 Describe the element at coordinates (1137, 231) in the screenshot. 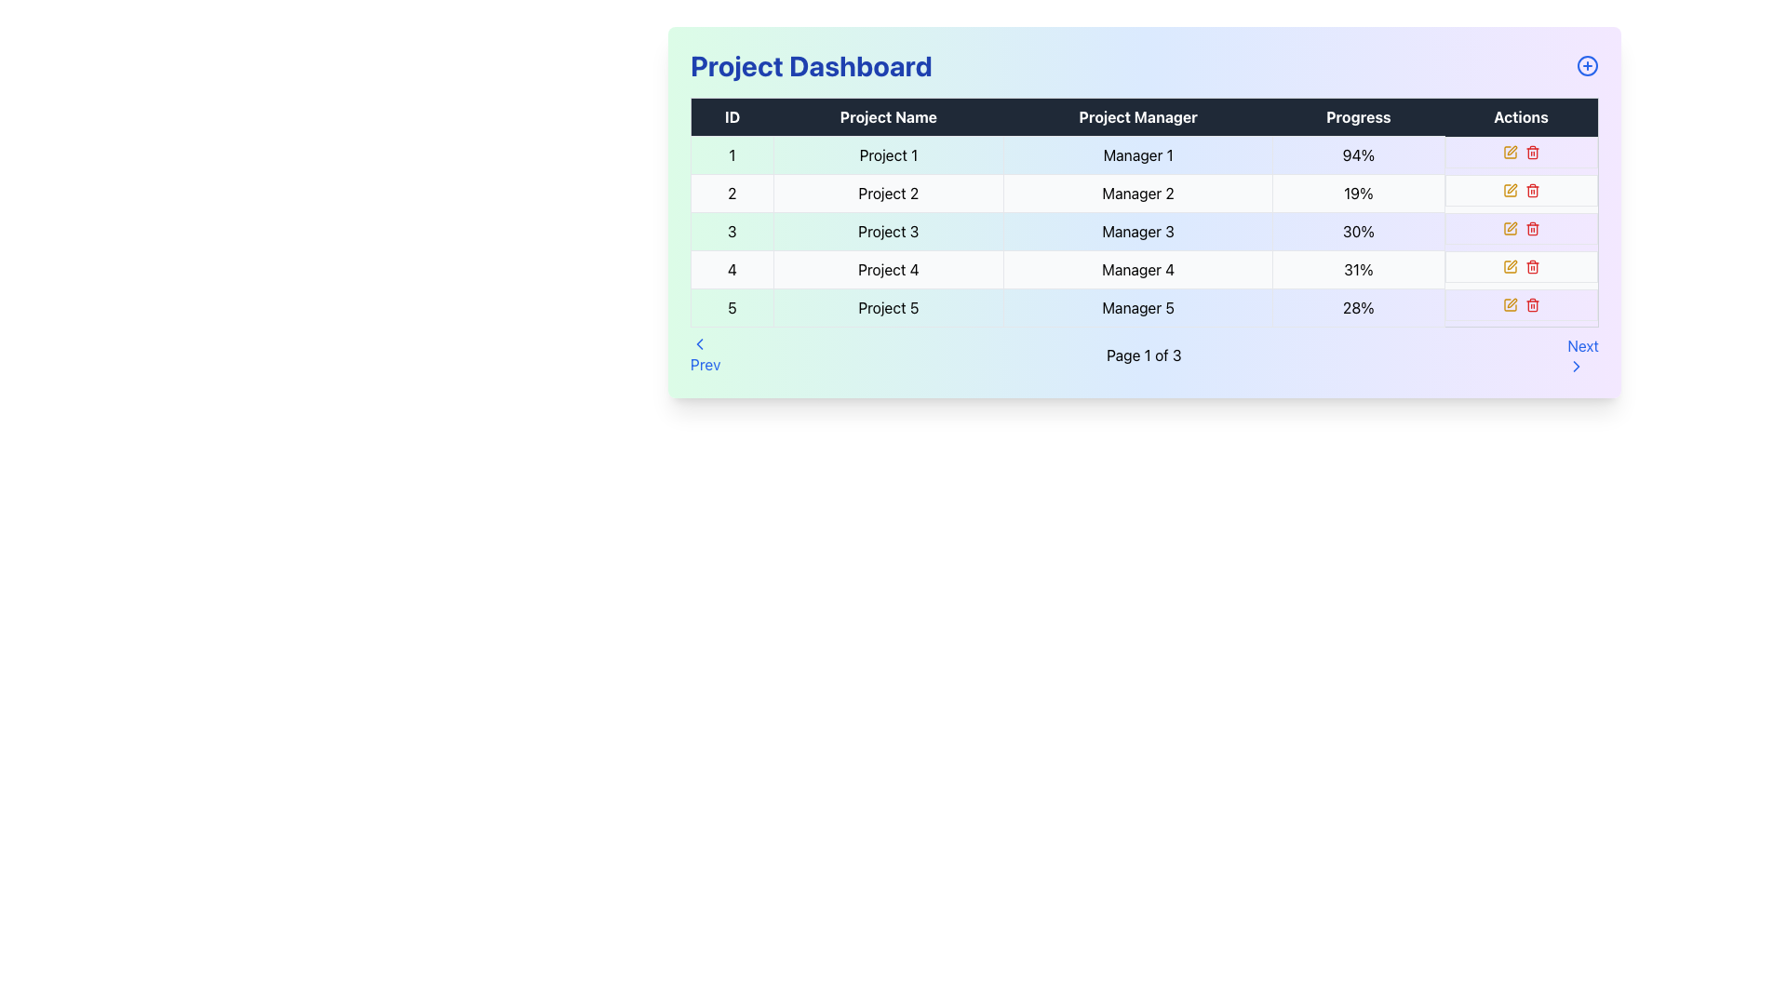

I see `the 'Manager 3' text cell` at that location.